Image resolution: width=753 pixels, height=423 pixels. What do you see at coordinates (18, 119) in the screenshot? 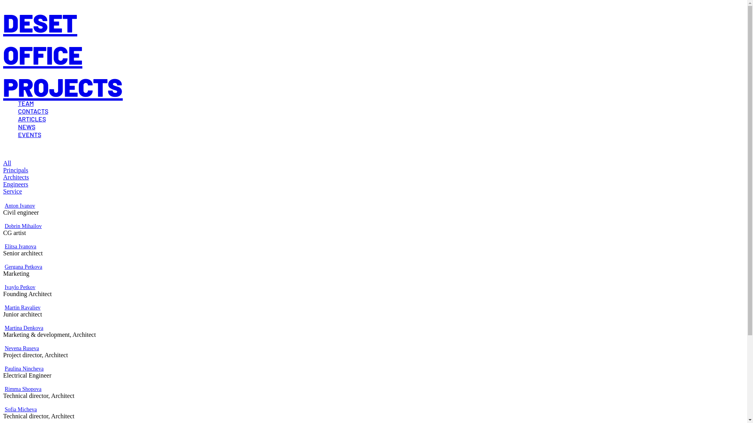
I see `'ARTICLES'` at bounding box center [18, 119].